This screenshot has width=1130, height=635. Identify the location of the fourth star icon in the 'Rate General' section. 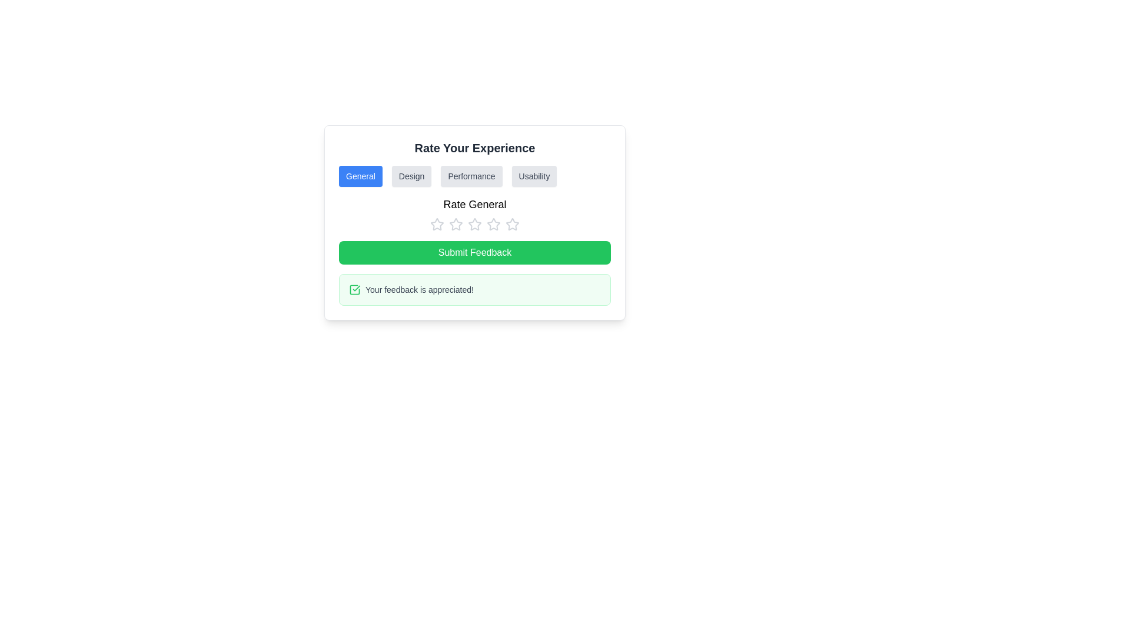
(494, 224).